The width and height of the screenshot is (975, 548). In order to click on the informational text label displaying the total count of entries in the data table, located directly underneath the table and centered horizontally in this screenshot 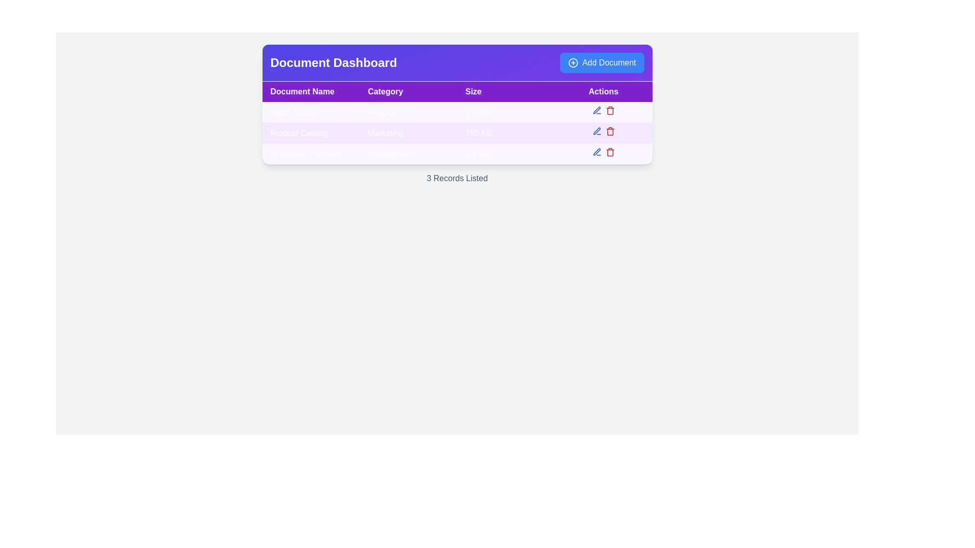, I will do `click(457, 178)`.